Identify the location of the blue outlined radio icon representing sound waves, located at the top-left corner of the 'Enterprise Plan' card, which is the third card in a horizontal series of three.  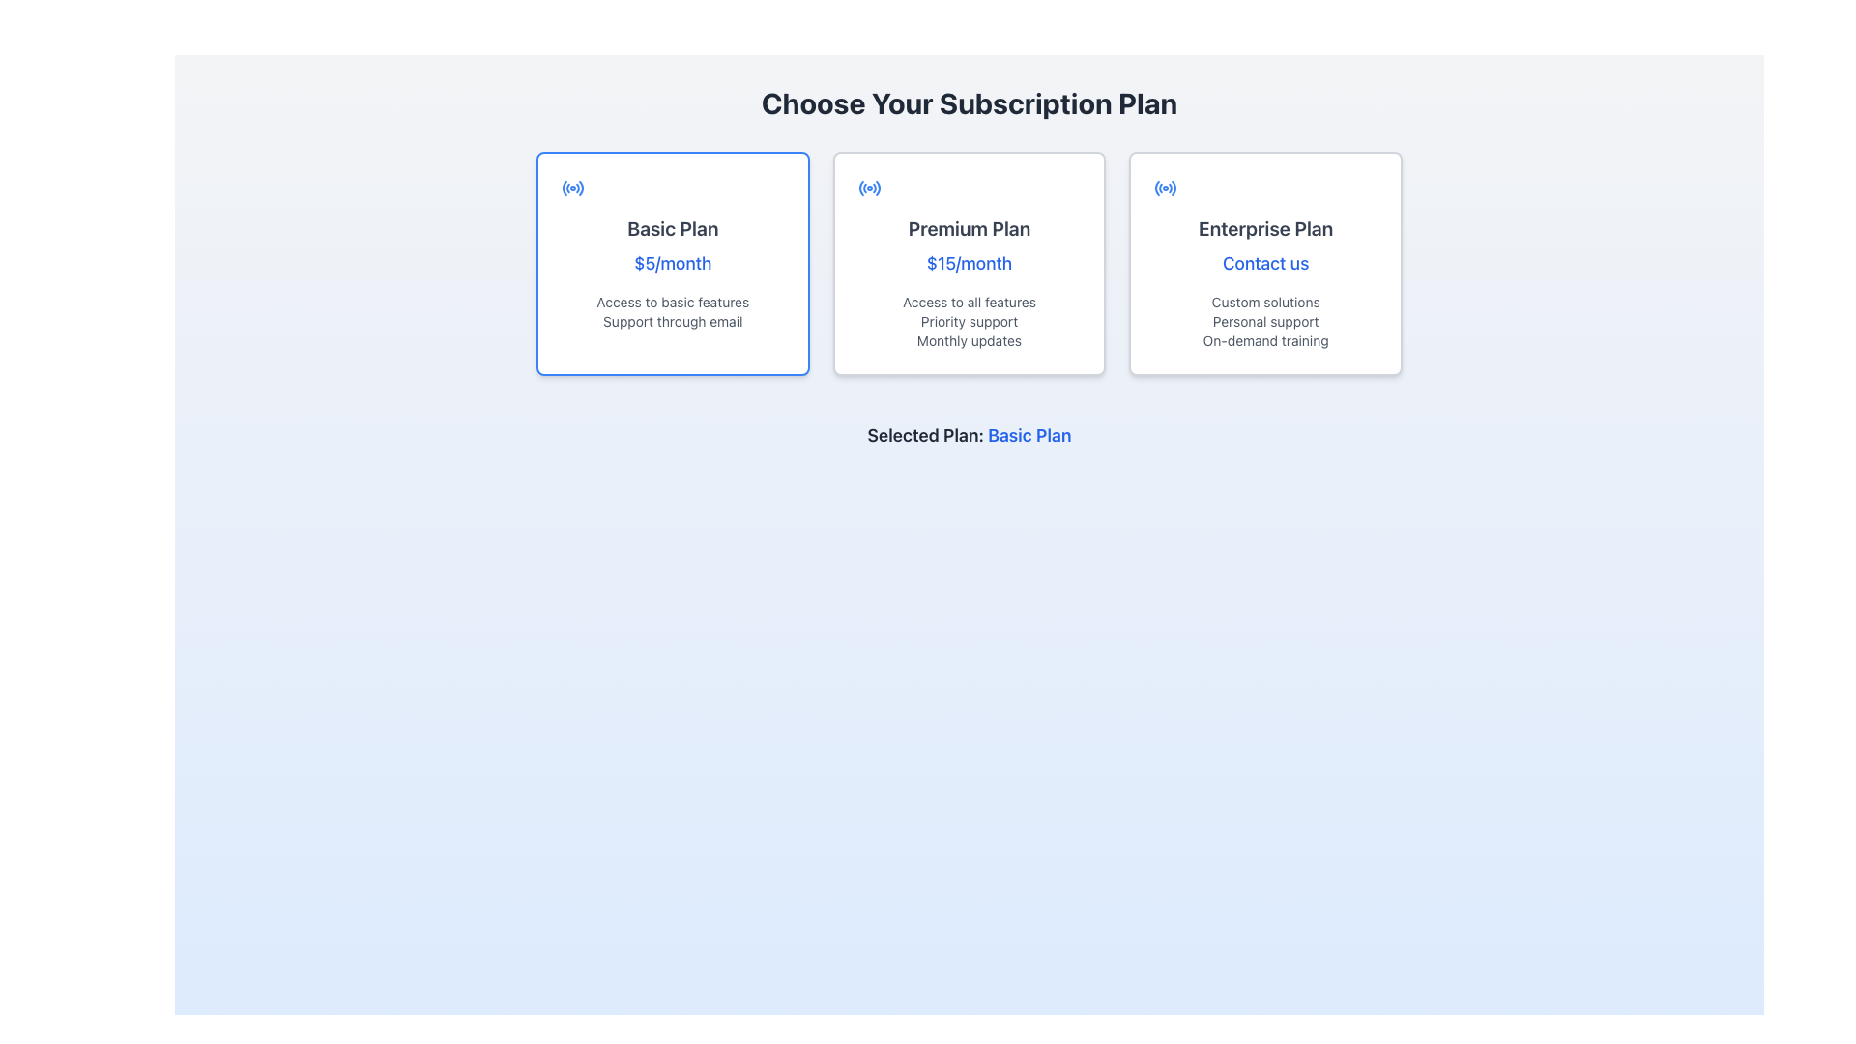
(1165, 188).